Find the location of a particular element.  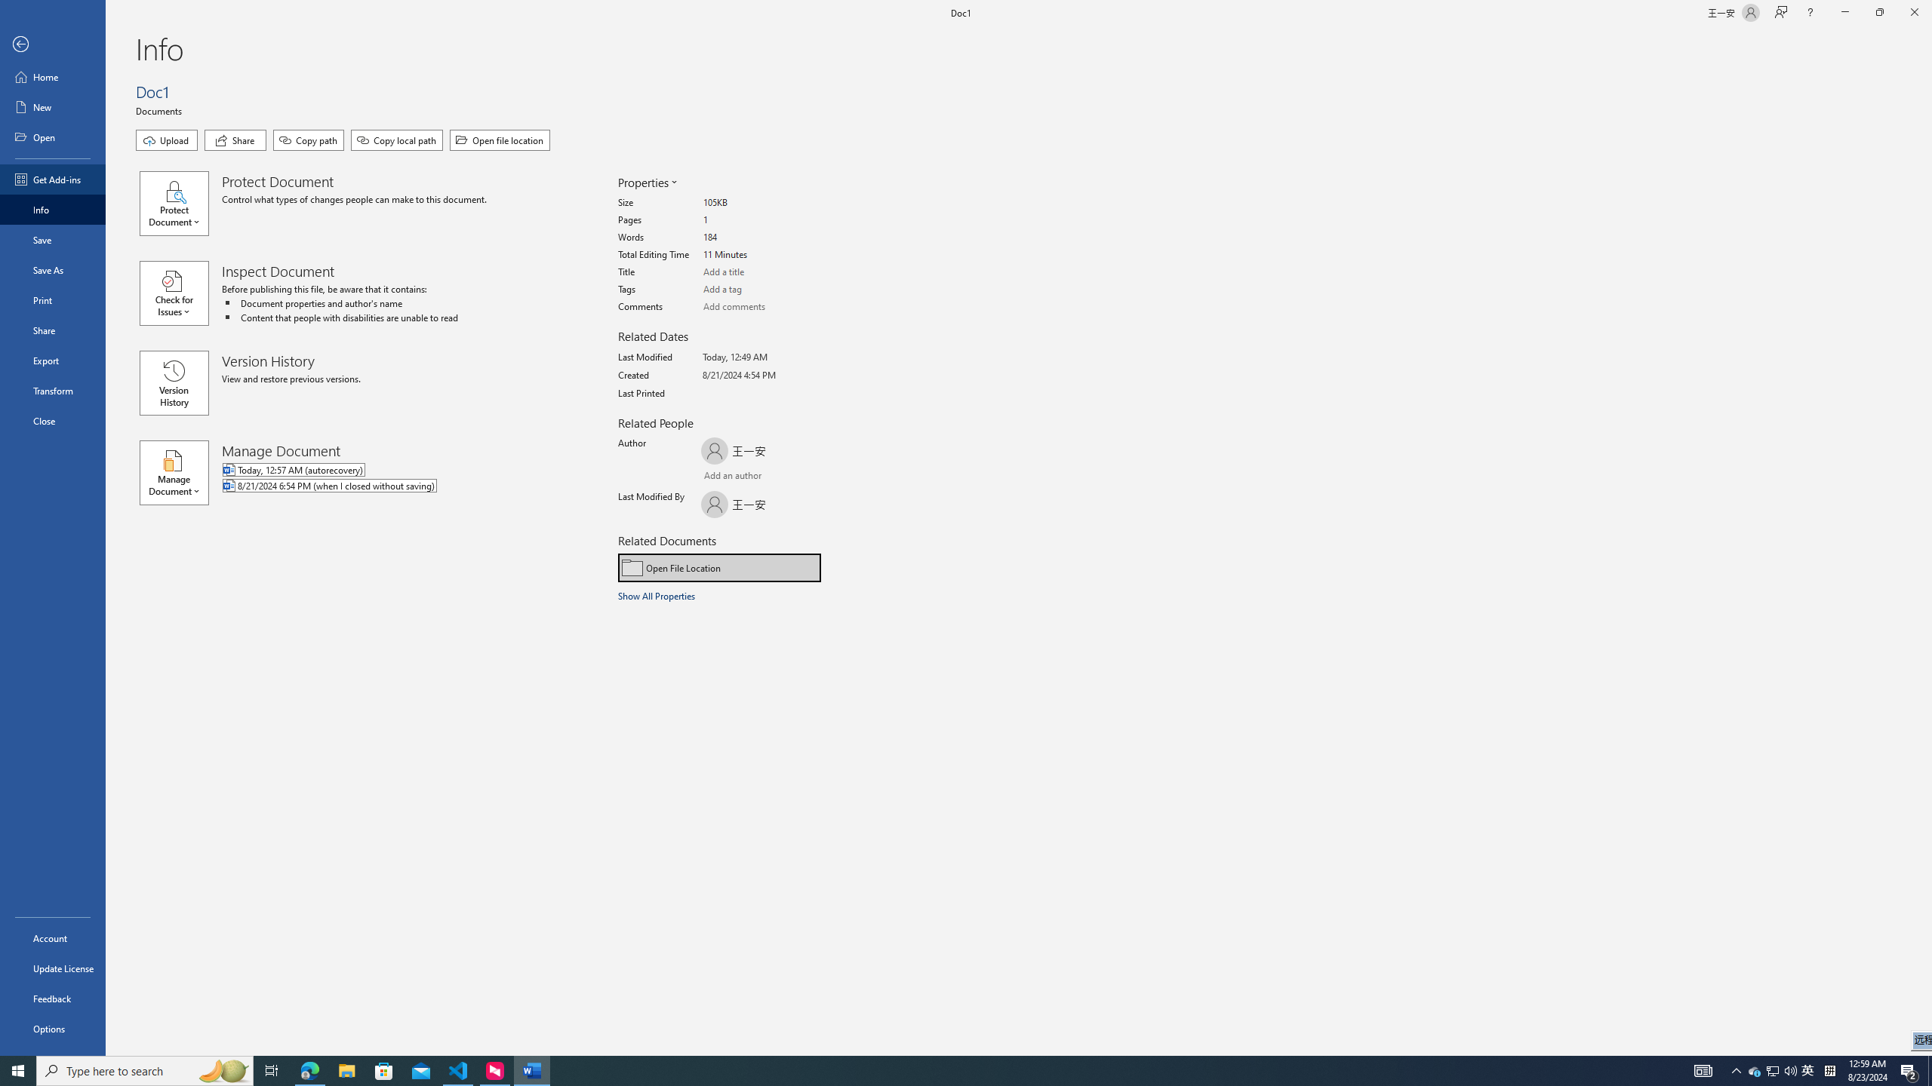

'Open File Location' is located at coordinates (719, 567).